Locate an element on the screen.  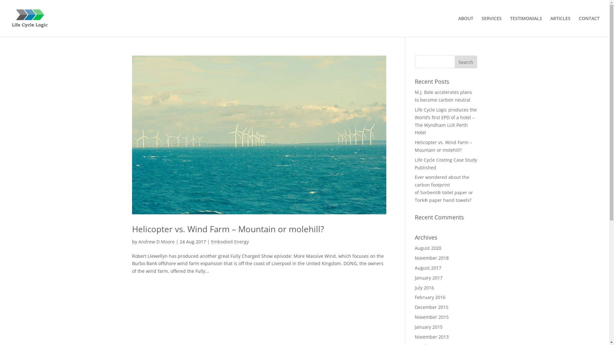
'ABOUT' is located at coordinates (466, 26).